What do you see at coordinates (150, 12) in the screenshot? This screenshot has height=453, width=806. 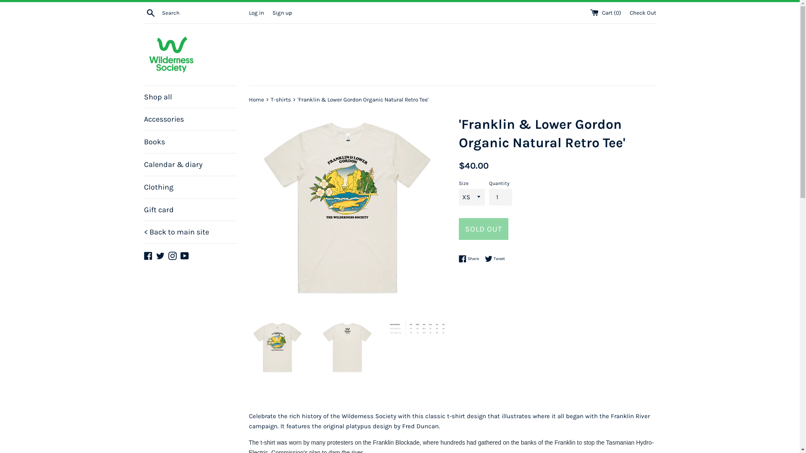 I see `'Search'` at bounding box center [150, 12].